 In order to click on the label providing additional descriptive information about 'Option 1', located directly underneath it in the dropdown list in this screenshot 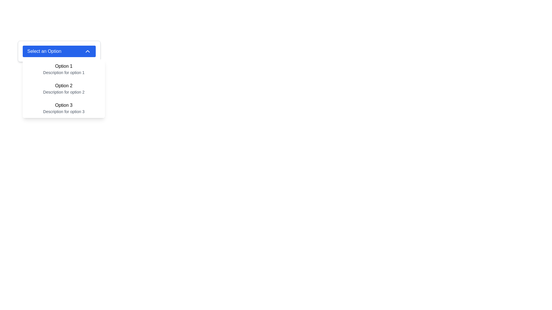, I will do `click(64, 72)`.